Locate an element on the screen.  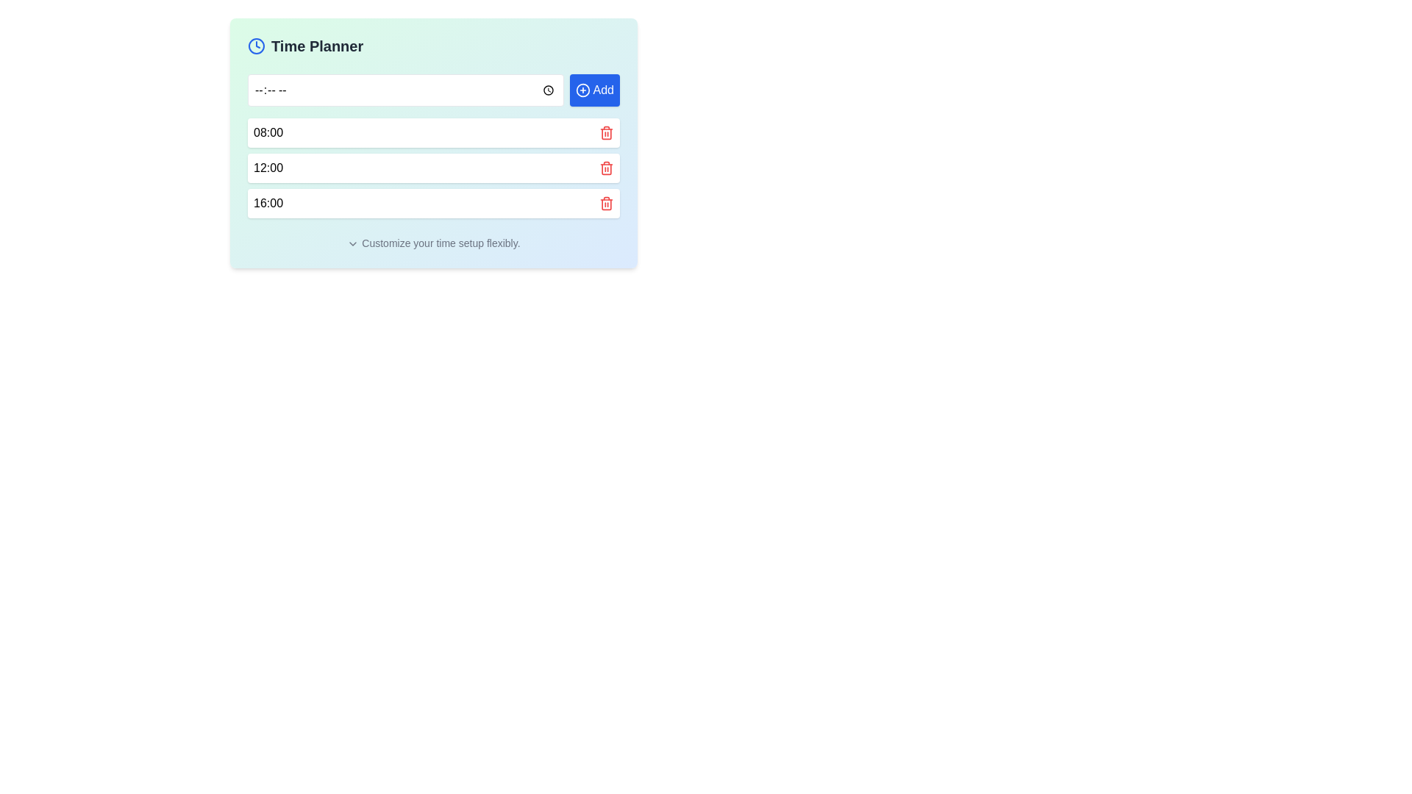
the delete button for the '08:00' list item to enable accessibility interactions is located at coordinates (607, 133).